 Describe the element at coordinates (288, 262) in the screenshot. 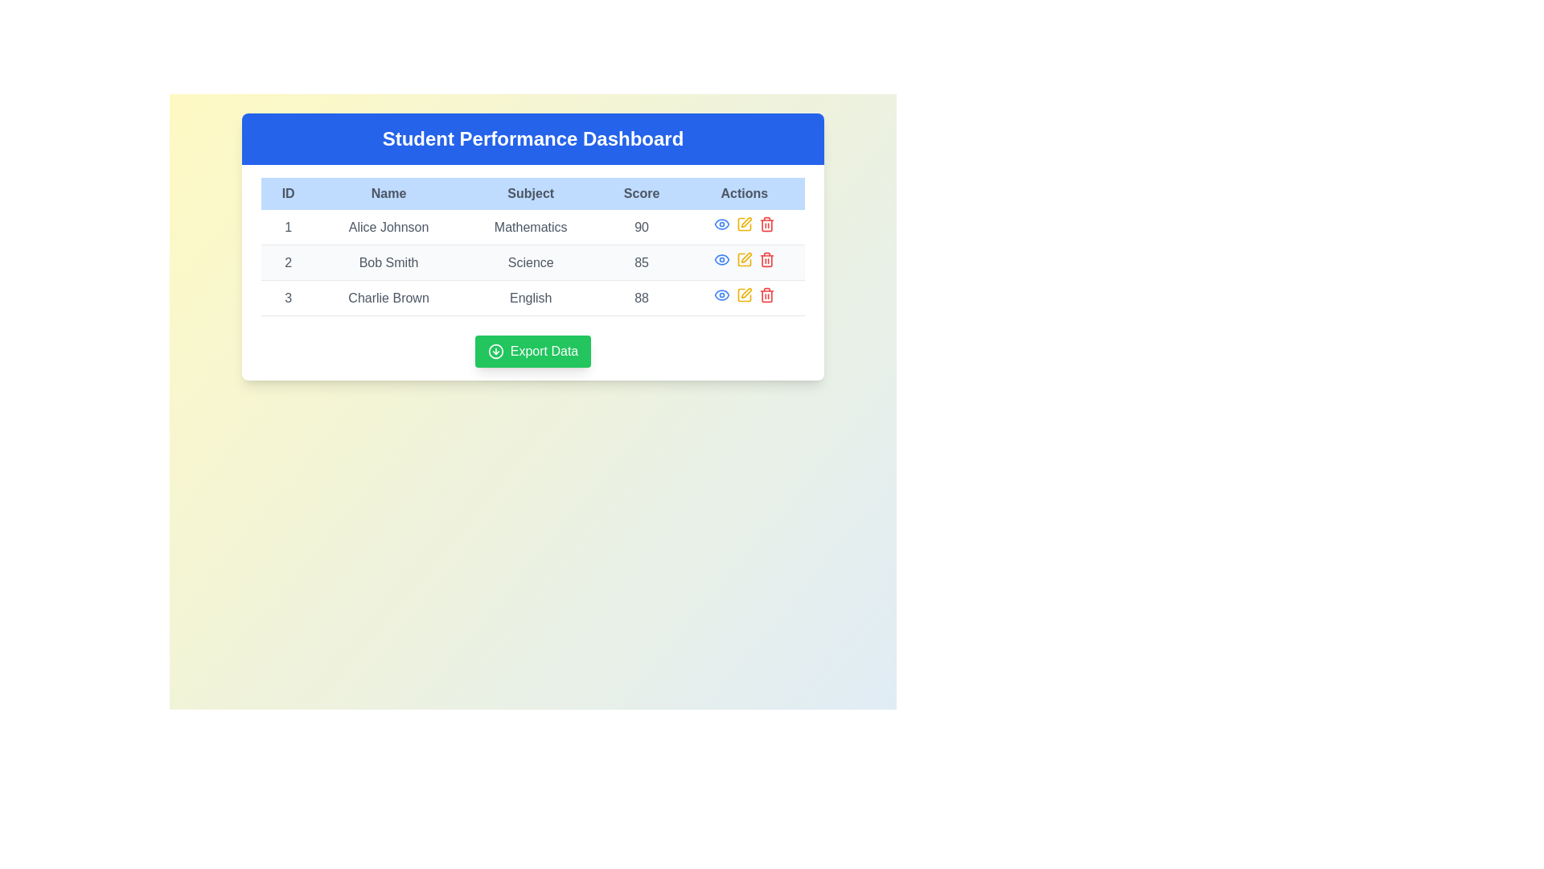

I see `the text field displaying the number '2' in bold, located in the second row, first column of the student performance table` at that location.